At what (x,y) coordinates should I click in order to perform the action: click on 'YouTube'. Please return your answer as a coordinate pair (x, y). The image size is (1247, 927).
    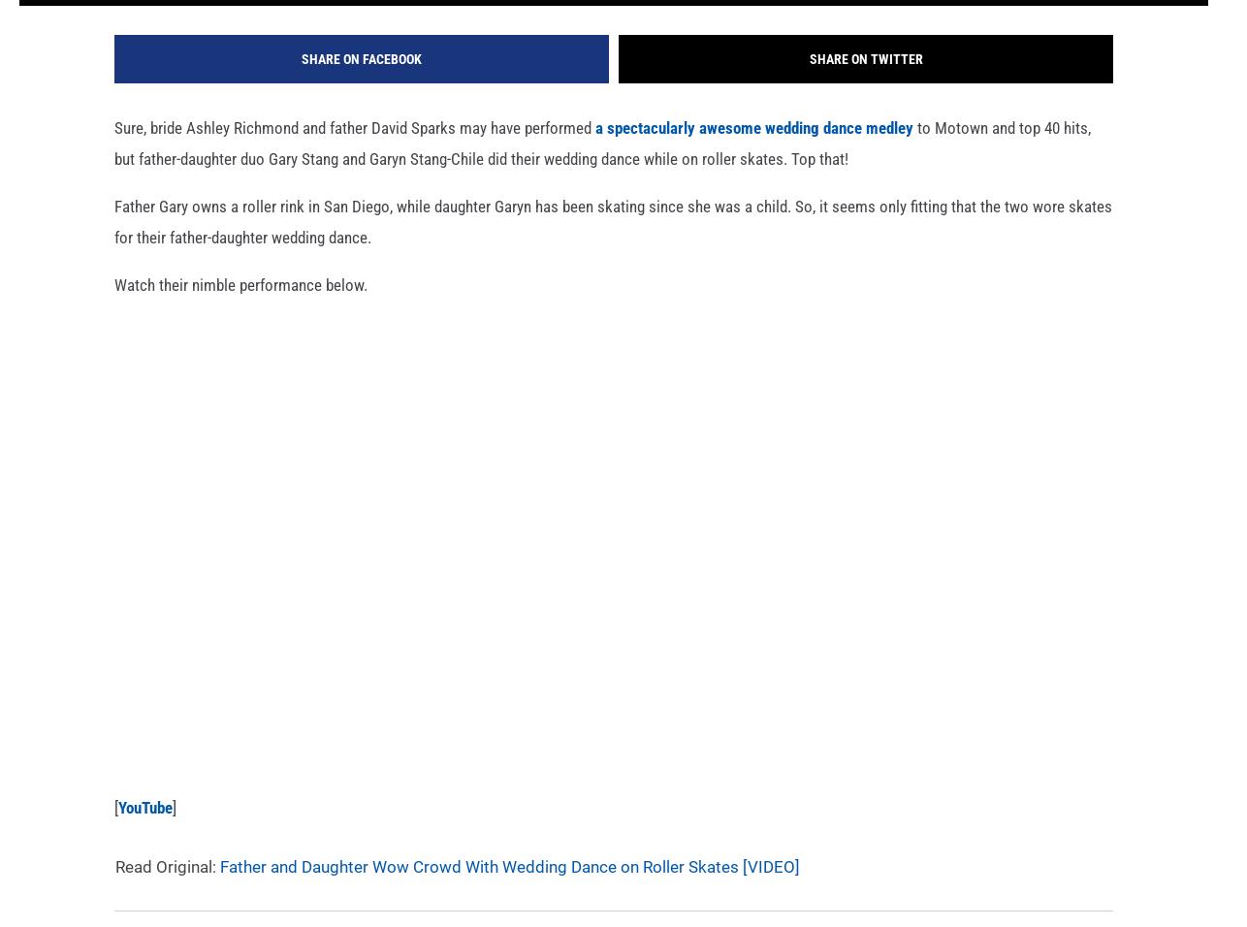
    Looking at the image, I should click on (144, 834).